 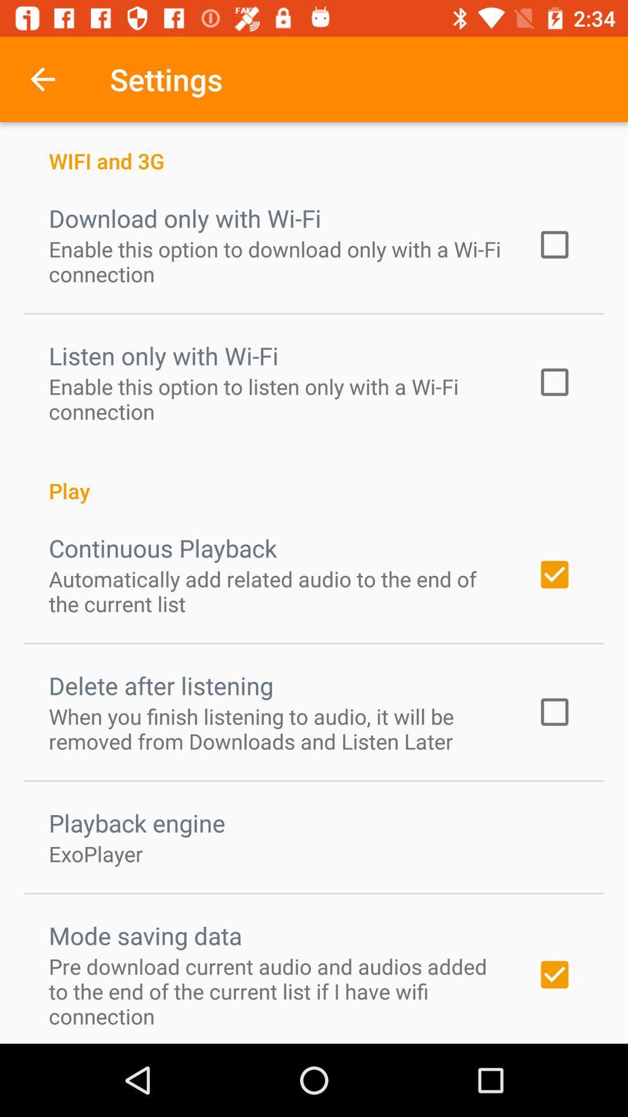 I want to click on icon below continuous playback item, so click(x=277, y=591).